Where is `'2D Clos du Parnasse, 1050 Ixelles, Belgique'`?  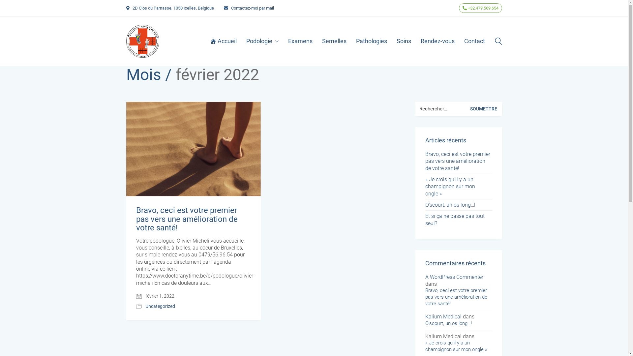 '2D Clos du Parnasse, 1050 Ixelles, Belgique' is located at coordinates (132, 8).